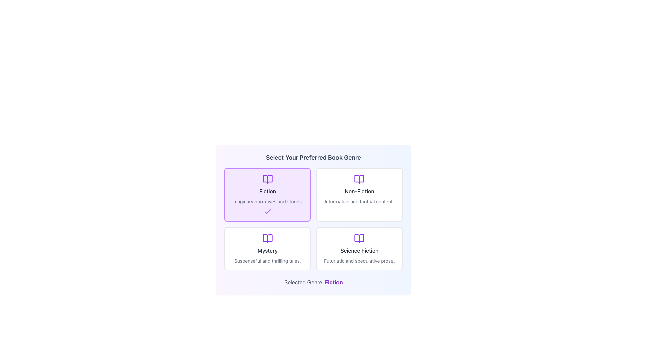 The image size is (648, 364). I want to click on the checkmark icon indicating the selection of the 'Fiction' book genre to trigger a potential tooltip or visual response, so click(267, 211).